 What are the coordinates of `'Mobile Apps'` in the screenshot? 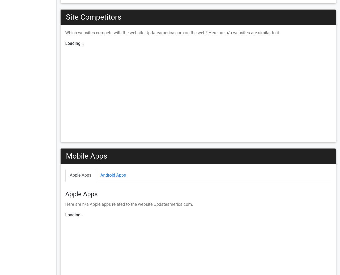 It's located at (87, 156).